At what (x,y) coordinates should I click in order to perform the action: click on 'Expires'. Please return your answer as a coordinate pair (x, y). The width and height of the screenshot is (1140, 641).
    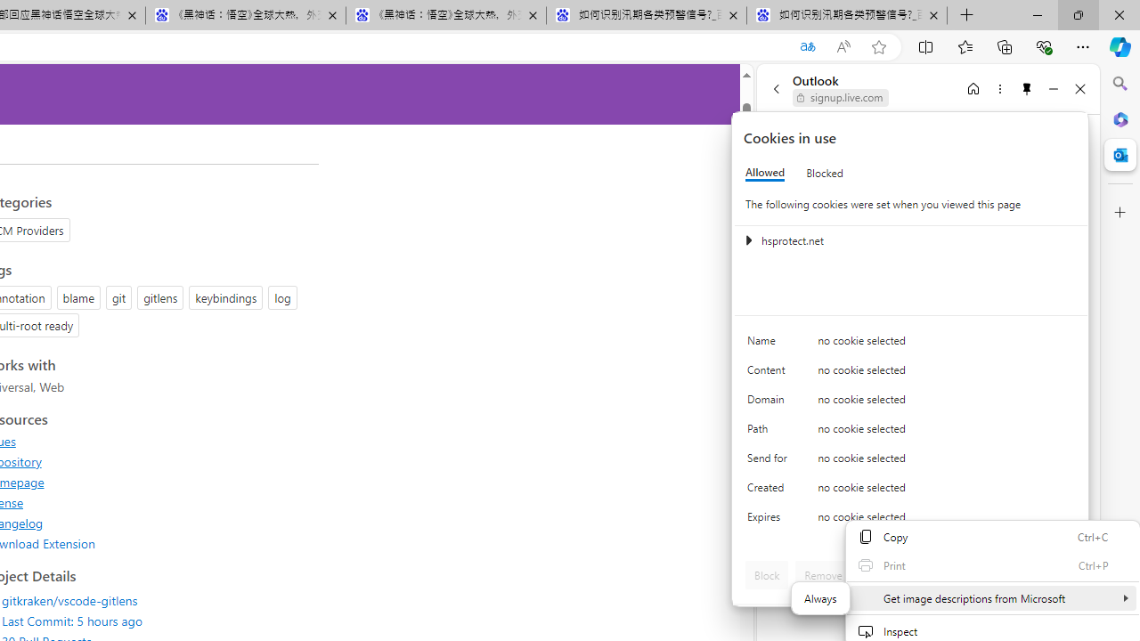
    Looking at the image, I should click on (770, 521).